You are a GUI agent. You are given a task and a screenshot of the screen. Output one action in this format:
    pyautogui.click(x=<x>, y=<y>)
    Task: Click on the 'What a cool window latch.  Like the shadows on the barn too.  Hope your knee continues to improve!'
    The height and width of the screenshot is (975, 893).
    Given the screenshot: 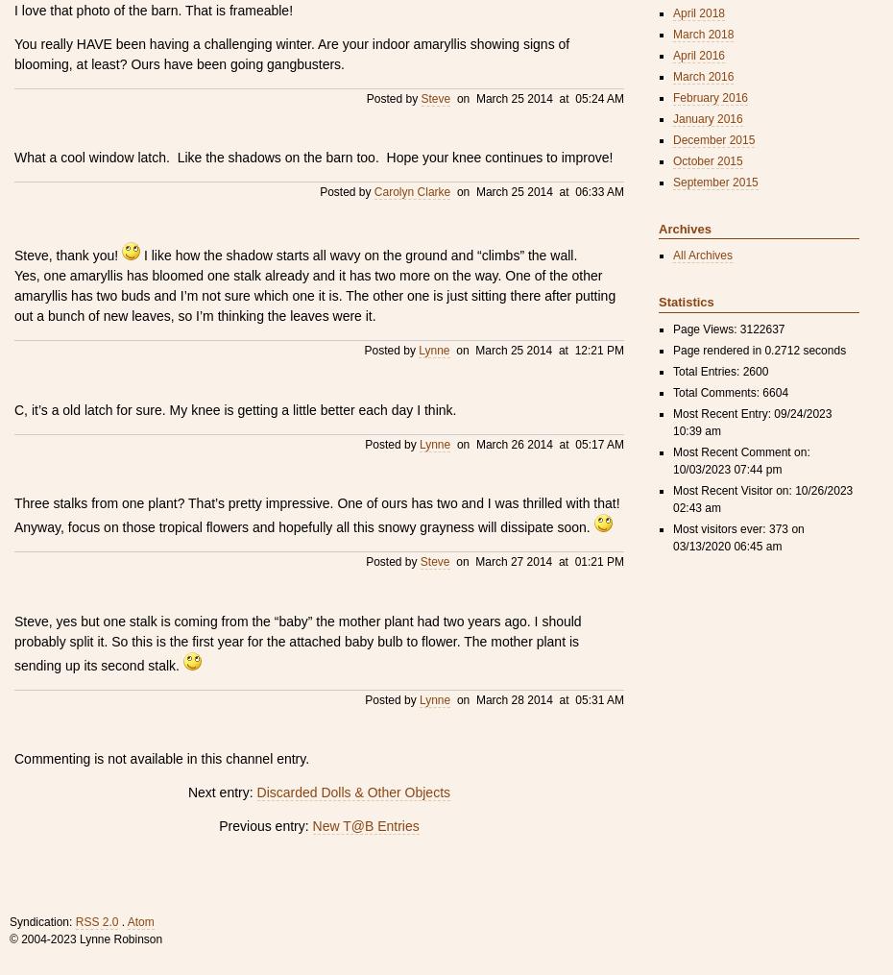 What is the action you would take?
    pyautogui.click(x=312, y=157)
    